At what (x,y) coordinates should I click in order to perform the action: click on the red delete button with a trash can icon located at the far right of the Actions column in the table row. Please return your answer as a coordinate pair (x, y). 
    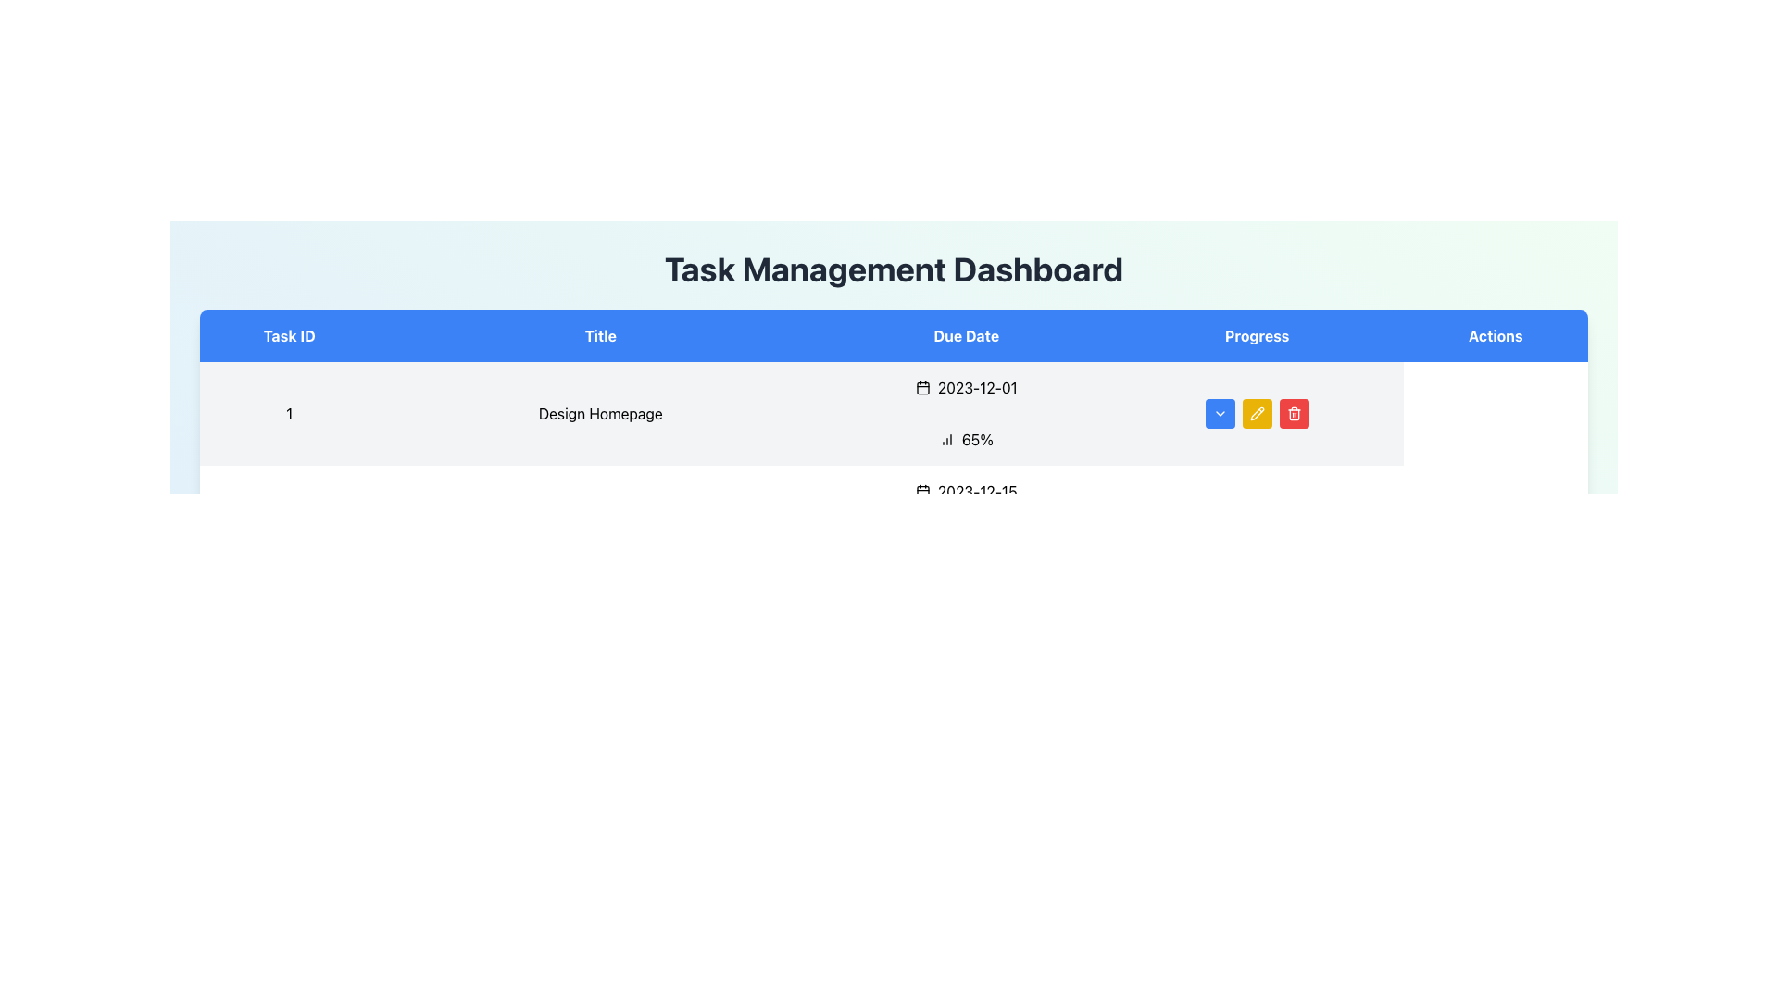
    Looking at the image, I should click on (1293, 413).